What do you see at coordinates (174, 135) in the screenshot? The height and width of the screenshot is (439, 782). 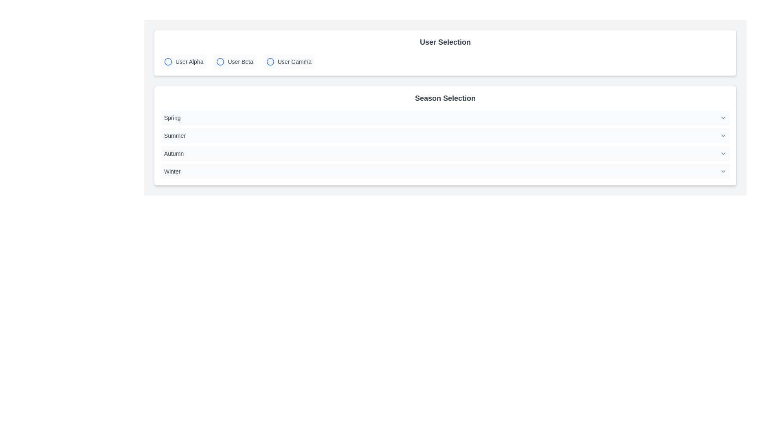 I see `the text snippet displaying 'Summer' in gray color within the dropdown selector to provide visual feedback` at bounding box center [174, 135].